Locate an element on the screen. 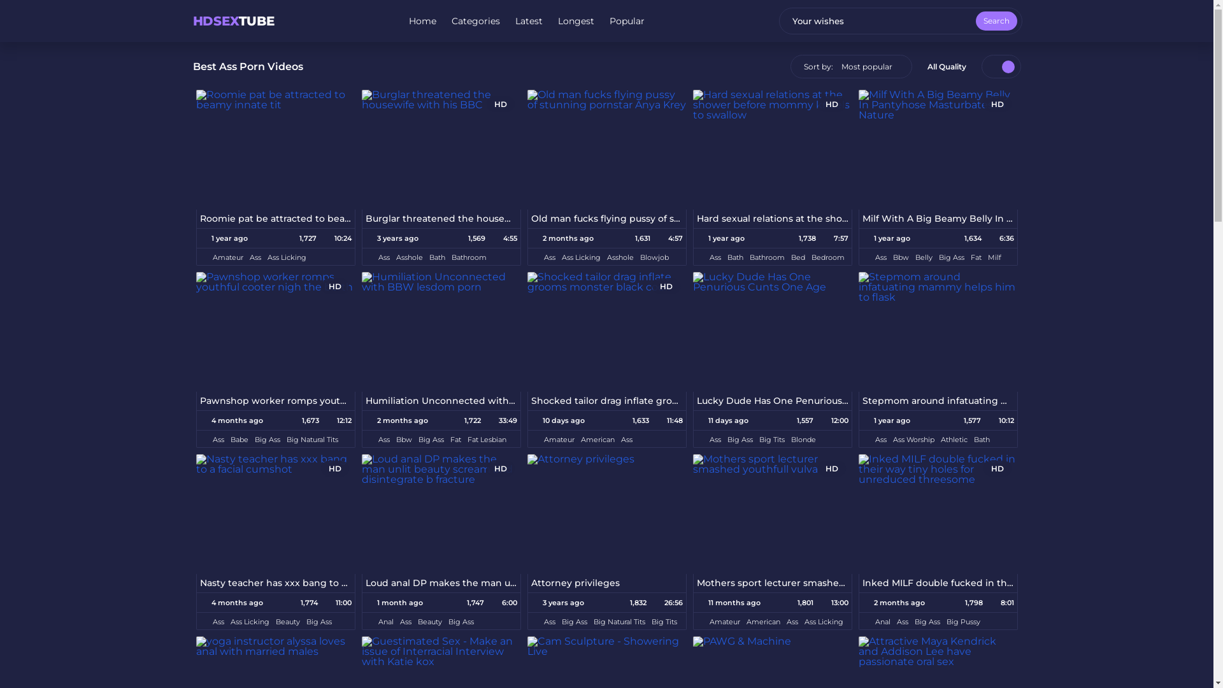 The width and height of the screenshot is (1223, 688). 'Bathroom' is located at coordinates (766, 257).